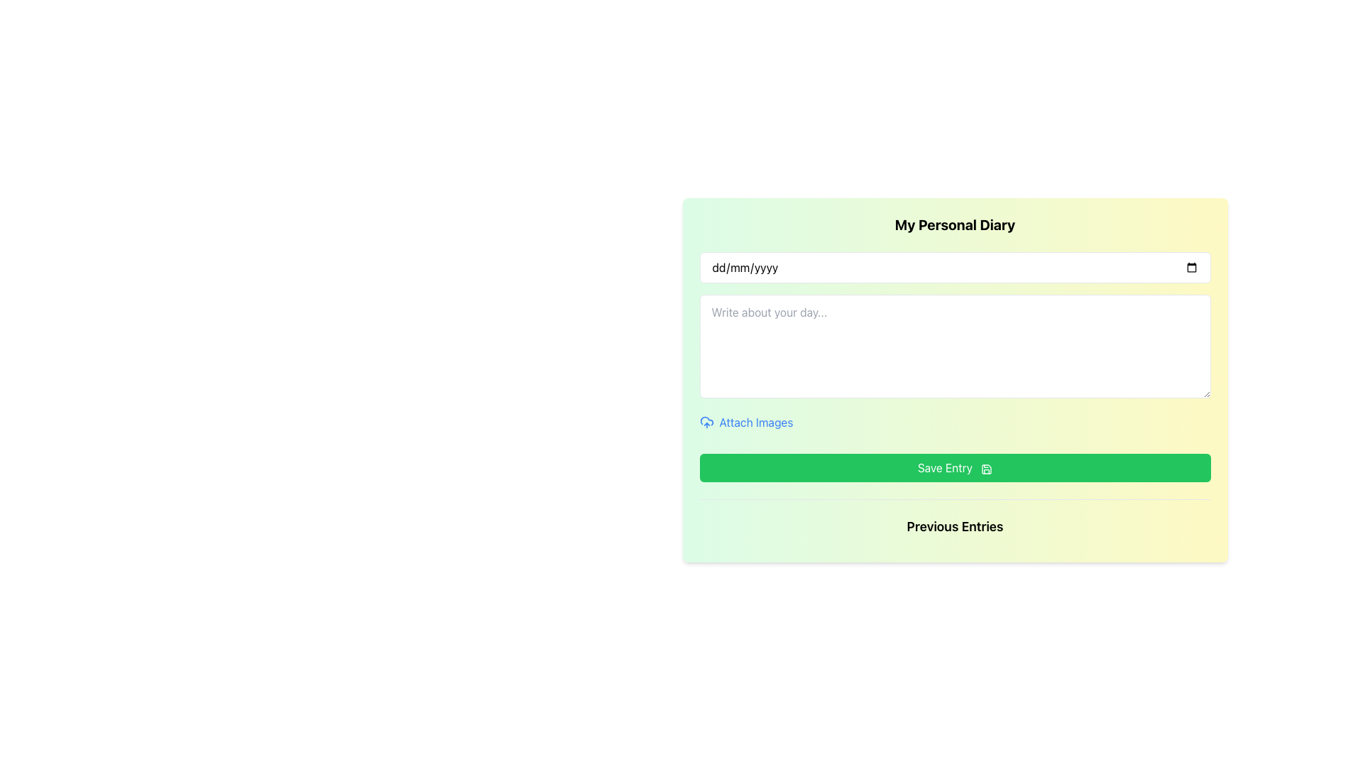 This screenshot has width=1363, height=767. Describe the element at coordinates (706, 421) in the screenshot. I see `the blue cloud-like icon with an upward-pointing arrow located to the left of the 'Attach Images' text` at that location.